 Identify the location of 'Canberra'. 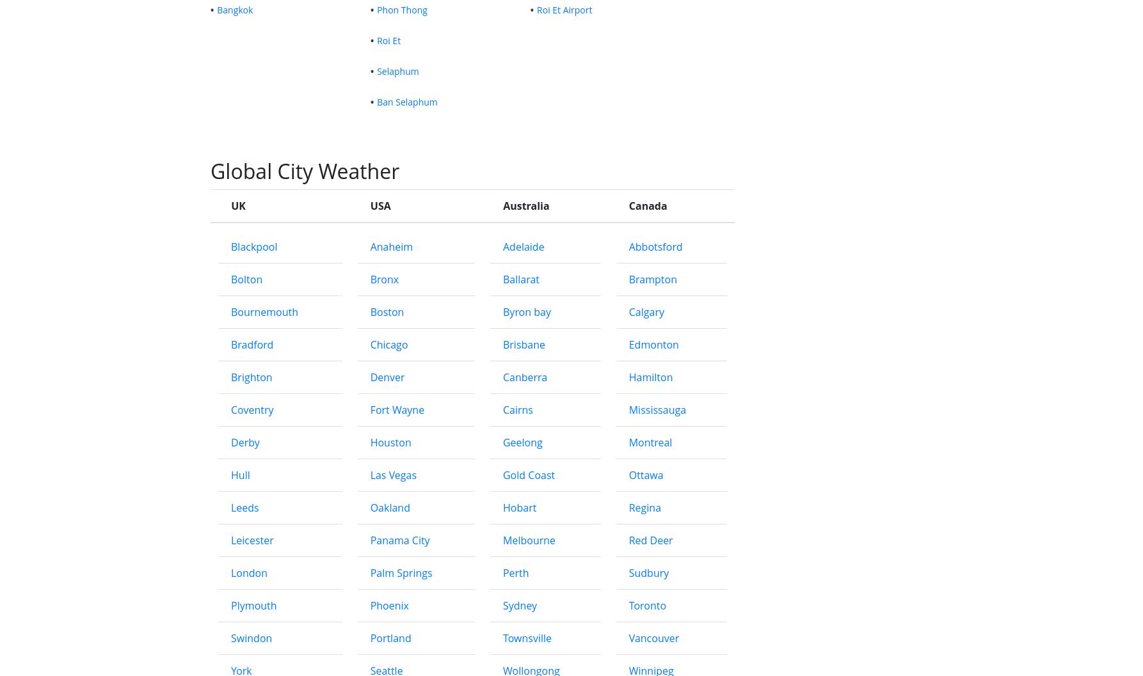
(524, 565).